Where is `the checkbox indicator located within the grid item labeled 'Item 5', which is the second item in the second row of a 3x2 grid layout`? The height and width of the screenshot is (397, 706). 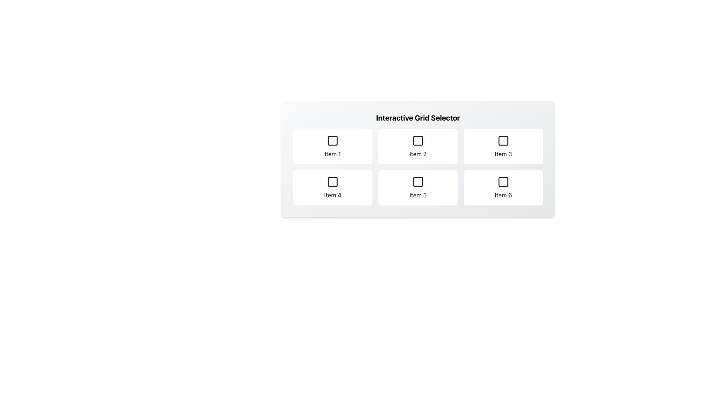 the checkbox indicator located within the grid item labeled 'Item 5', which is the second item in the second row of a 3x2 grid layout is located at coordinates (418, 182).